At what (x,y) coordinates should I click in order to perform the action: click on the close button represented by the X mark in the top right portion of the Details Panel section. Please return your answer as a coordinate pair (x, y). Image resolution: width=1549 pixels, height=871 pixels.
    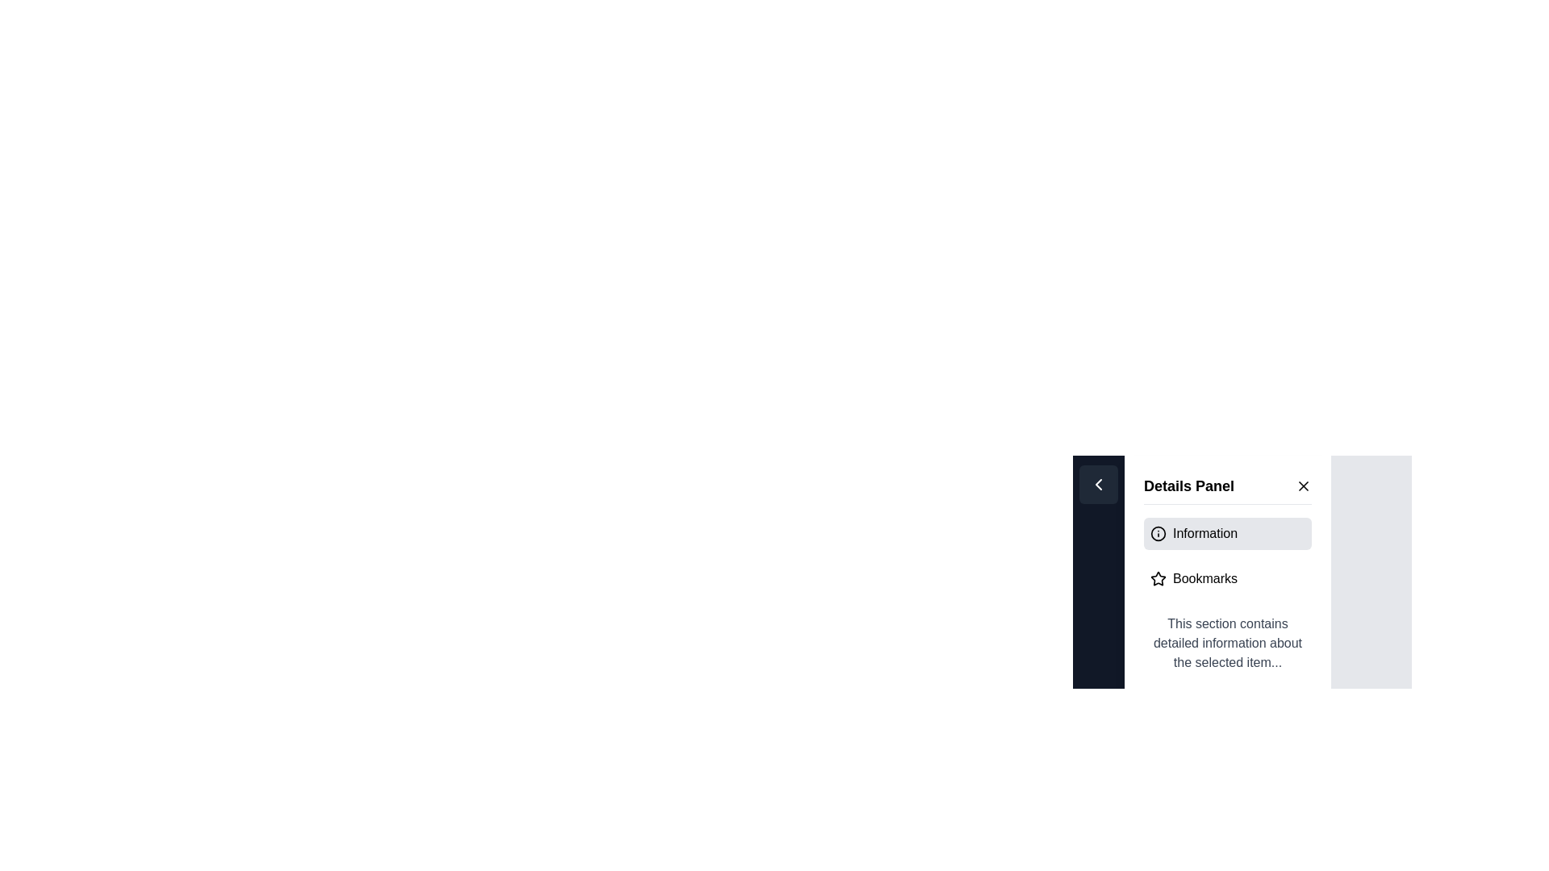
    Looking at the image, I should click on (1304, 485).